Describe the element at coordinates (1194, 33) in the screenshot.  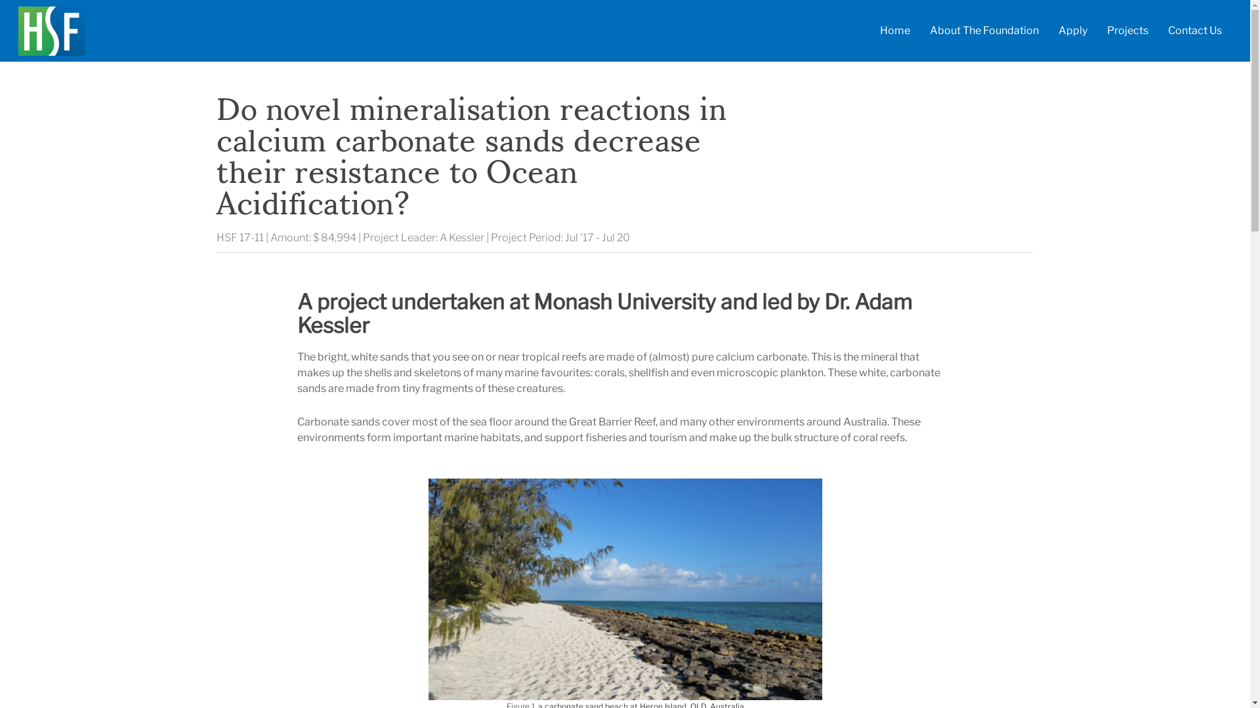
I see `'Contact Us'` at that location.